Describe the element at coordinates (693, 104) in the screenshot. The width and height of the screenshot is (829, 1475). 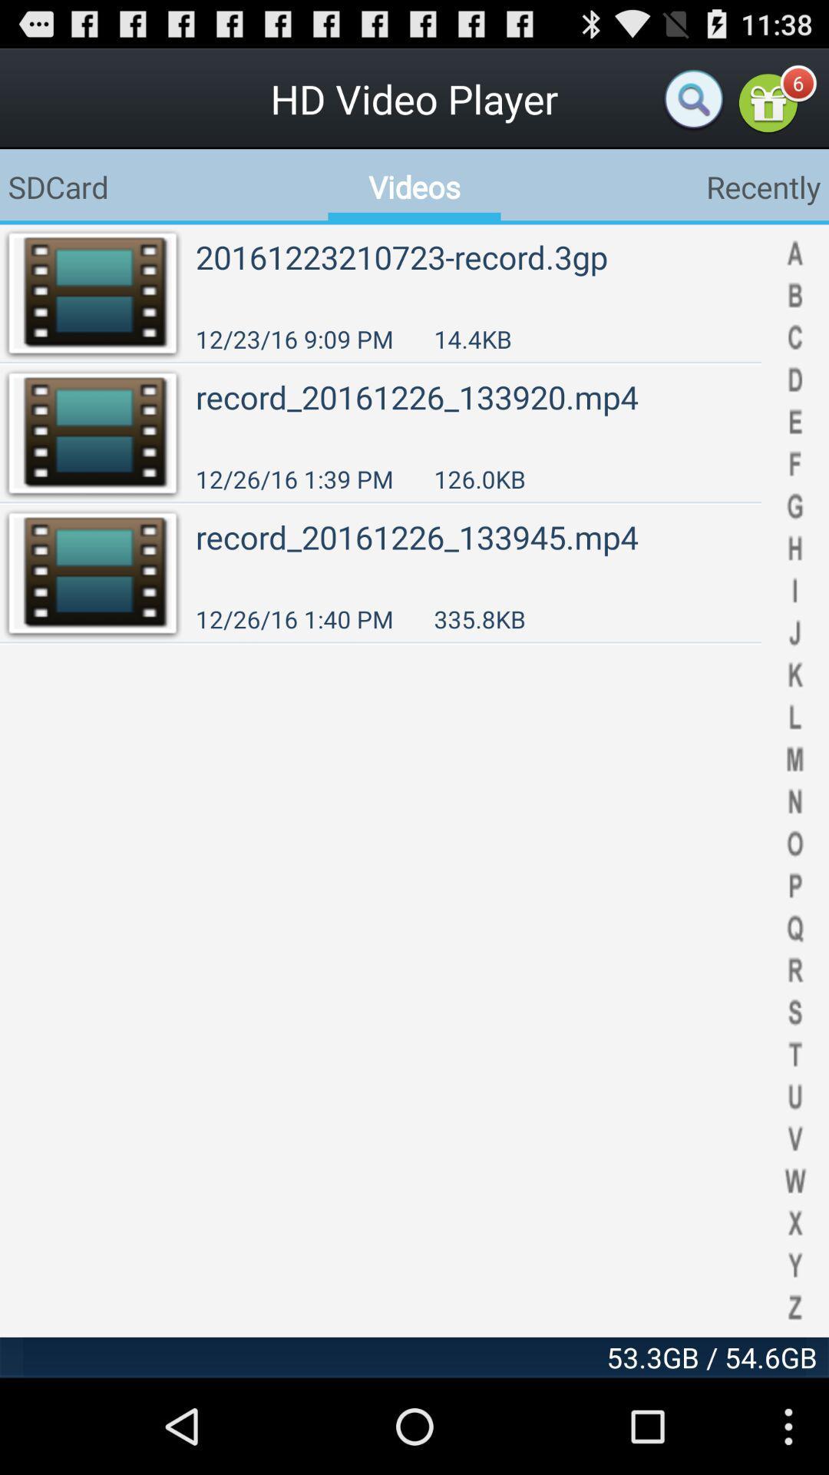
I see `the search icon` at that location.